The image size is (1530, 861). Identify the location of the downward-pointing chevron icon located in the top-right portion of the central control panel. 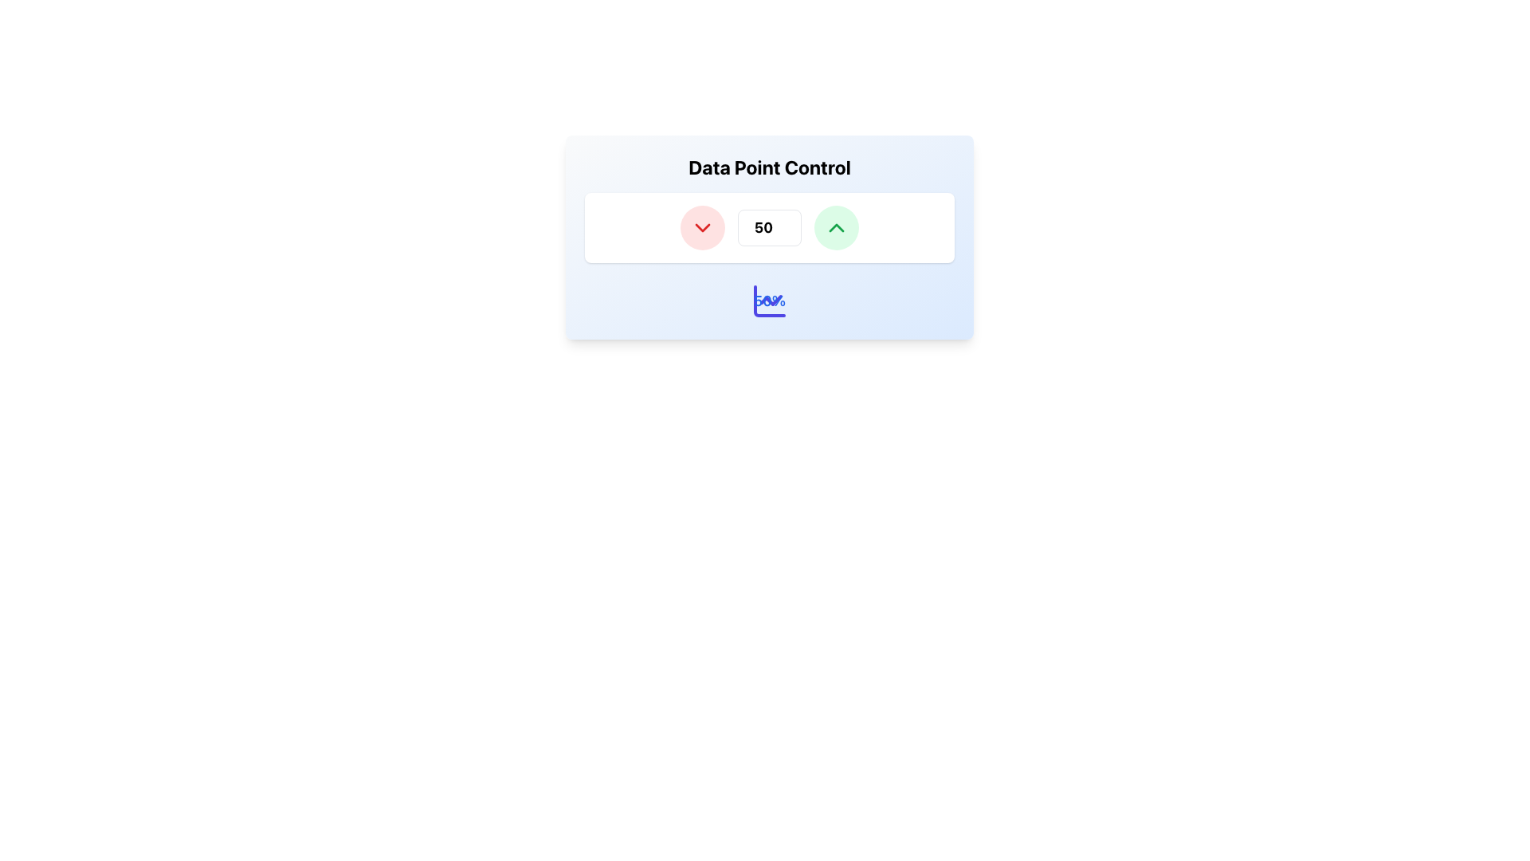
(702, 227).